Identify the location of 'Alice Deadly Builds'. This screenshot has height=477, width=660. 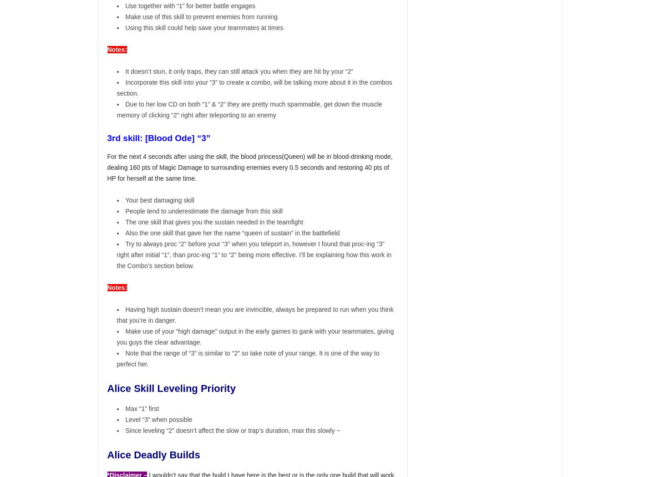
(154, 455).